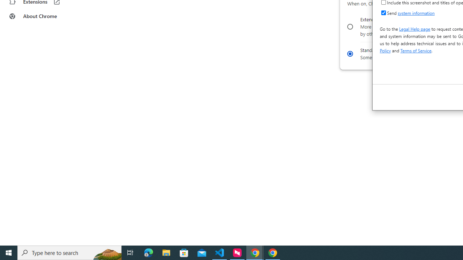  What do you see at coordinates (69, 252) in the screenshot?
I see `'Type here to search'` at bounding box center [69, 252].